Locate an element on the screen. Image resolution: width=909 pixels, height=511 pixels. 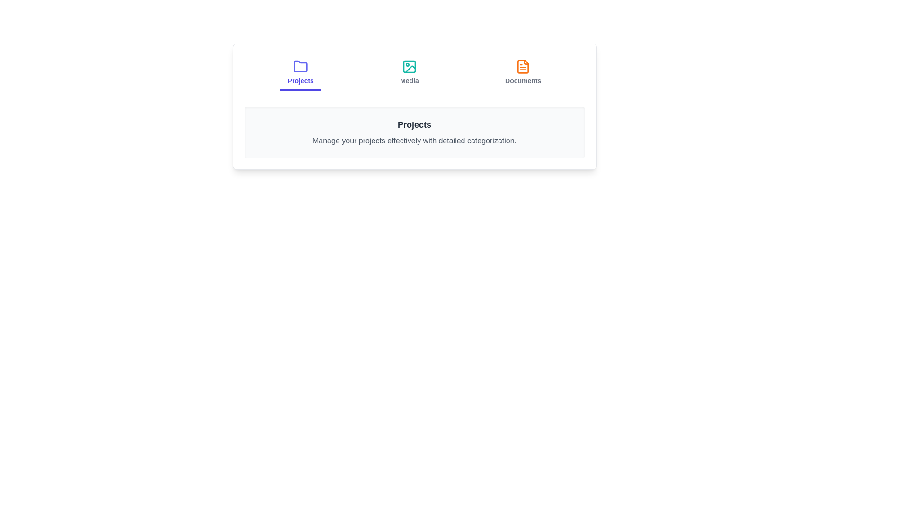
the Media tab to observe its content is located at coordinates (409, 72).